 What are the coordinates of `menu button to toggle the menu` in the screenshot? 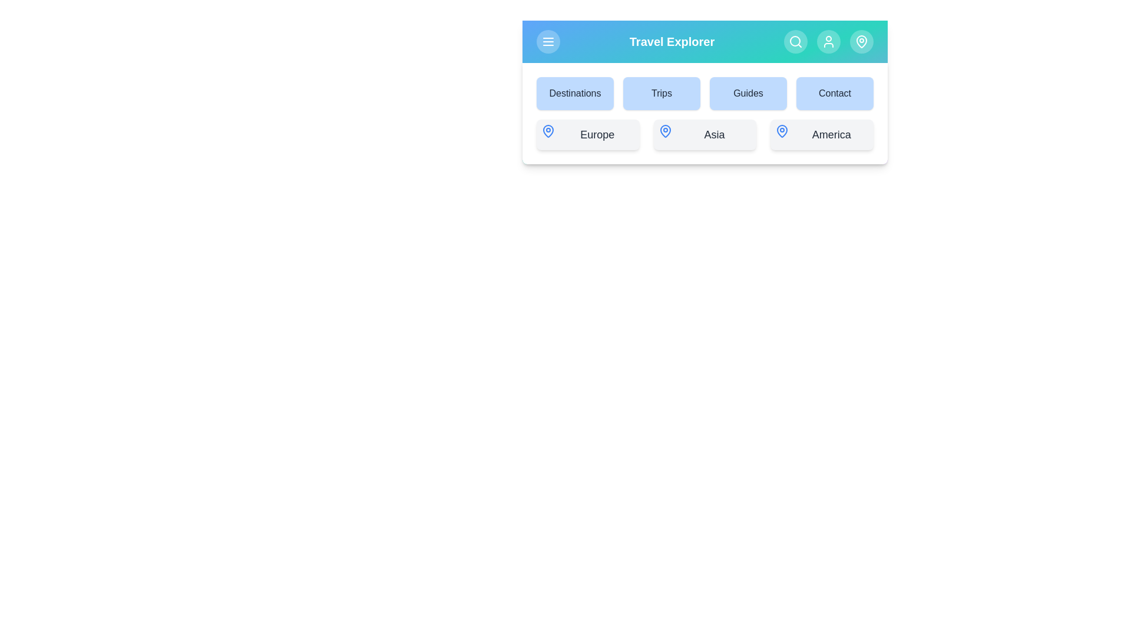 It's located at (548, 41).